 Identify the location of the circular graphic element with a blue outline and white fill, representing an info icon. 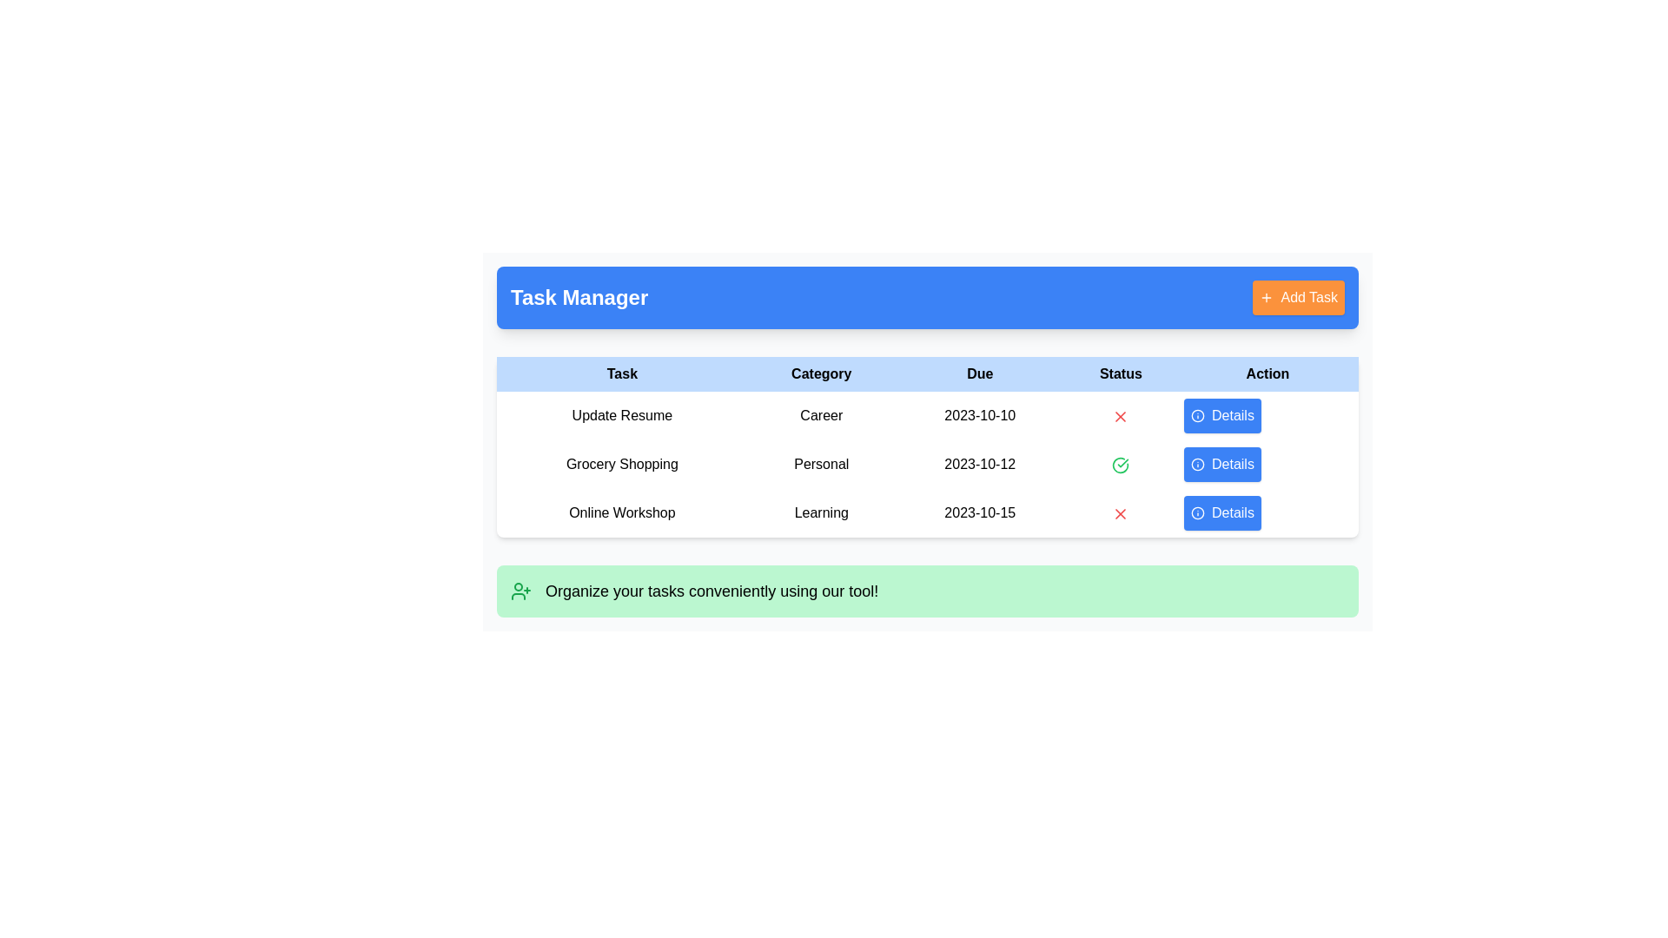
(1196, 512).